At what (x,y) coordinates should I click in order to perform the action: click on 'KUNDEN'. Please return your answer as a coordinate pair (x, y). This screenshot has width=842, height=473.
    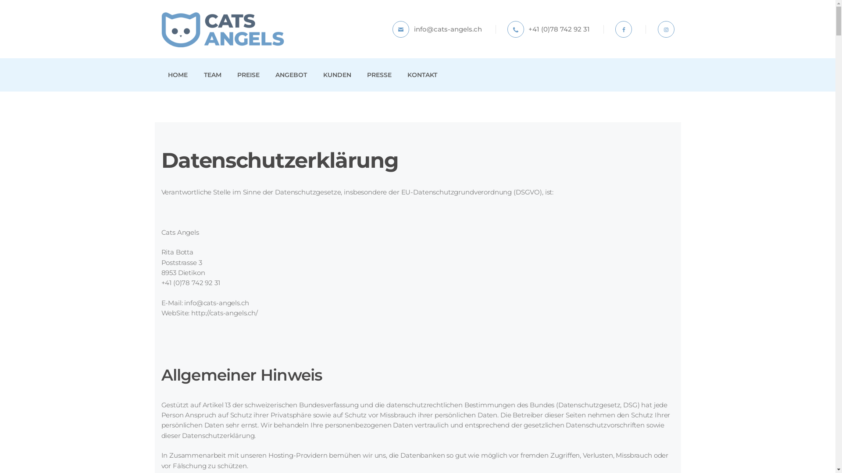
    Looking at the image, I should click on (336, 74).